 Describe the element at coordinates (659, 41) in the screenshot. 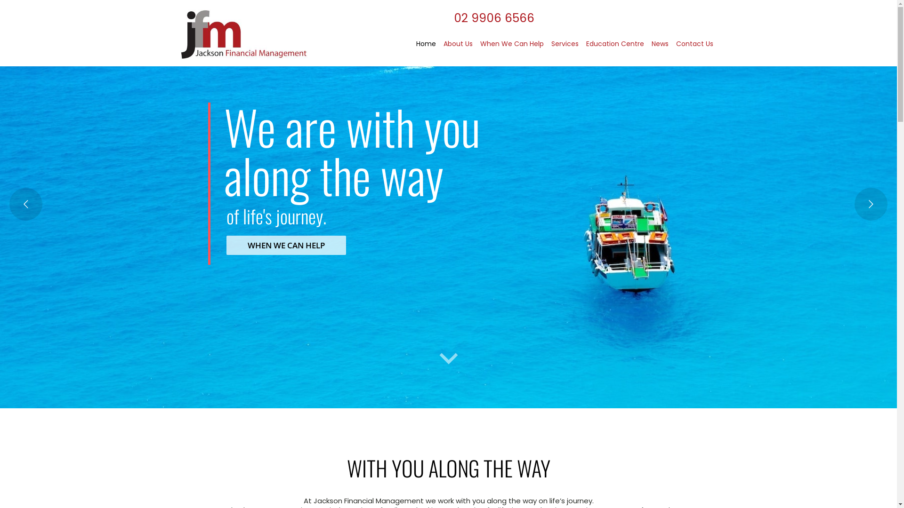

I see `'News'` at that location.